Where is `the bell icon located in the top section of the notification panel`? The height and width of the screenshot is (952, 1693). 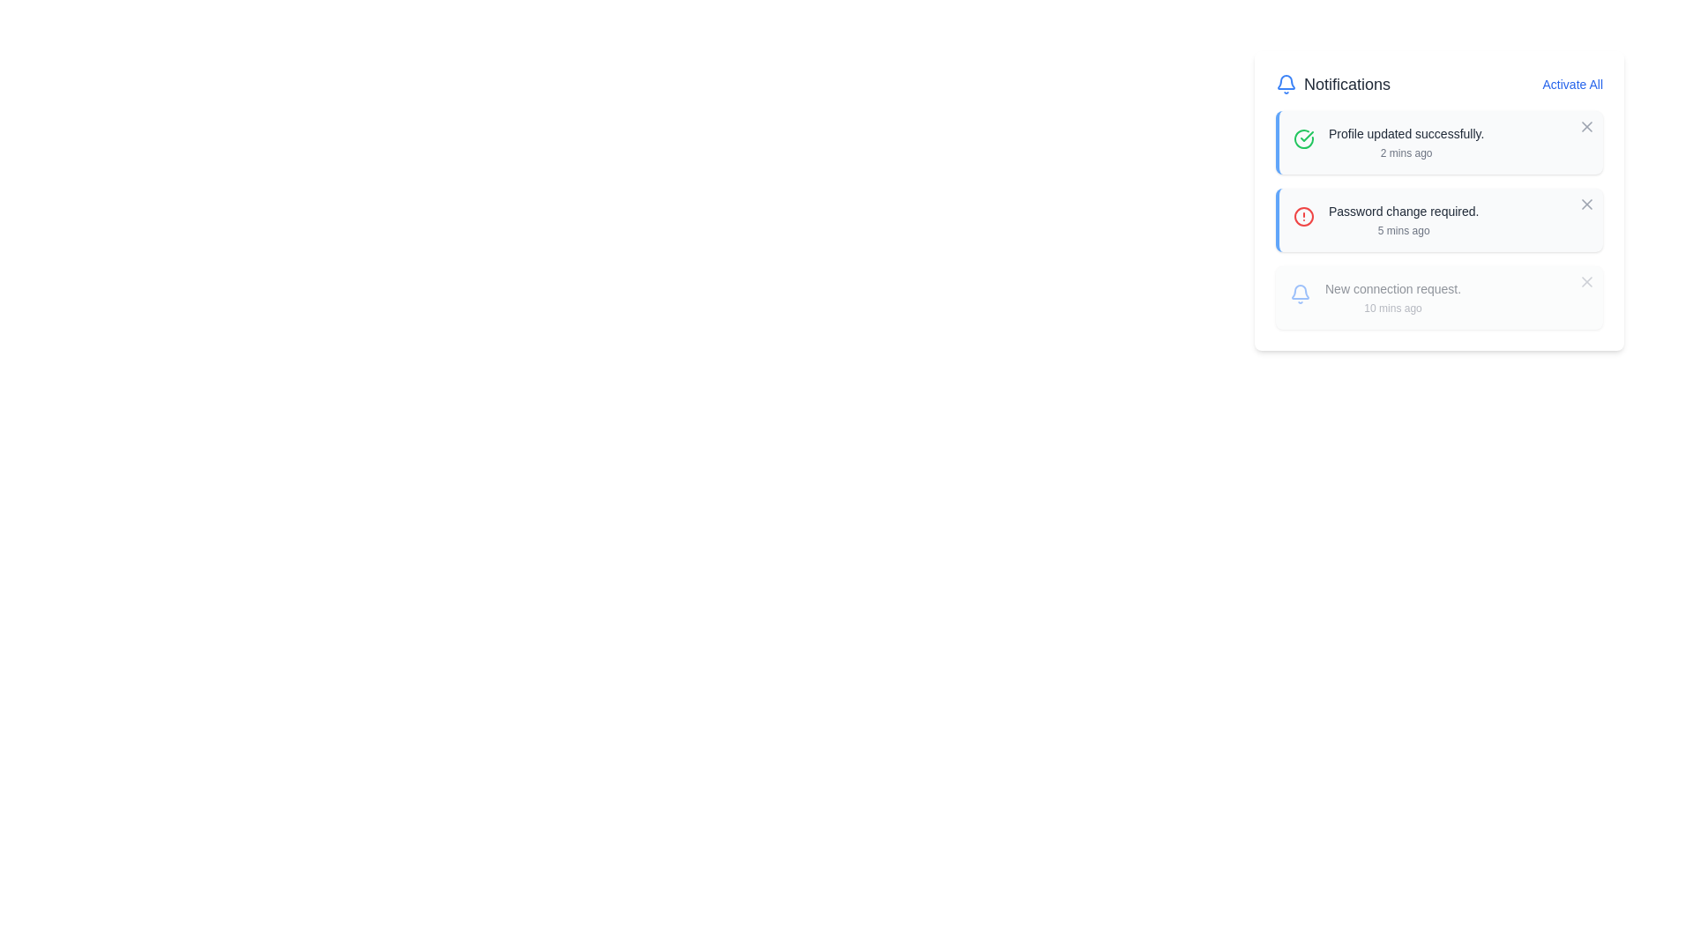
the bell icon located in the top section of the notification panel is located at coordinates (1300, 294).